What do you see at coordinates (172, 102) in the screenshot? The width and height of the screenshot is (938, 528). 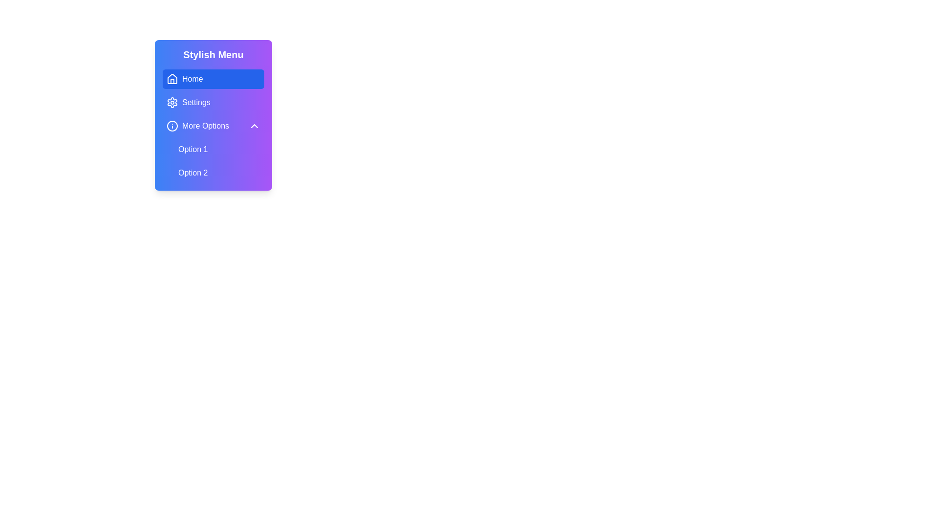 I see `the settings cogwheel icon located to the left of the 'Settings' label in the vertical menu` at bounding box center [172, 102].